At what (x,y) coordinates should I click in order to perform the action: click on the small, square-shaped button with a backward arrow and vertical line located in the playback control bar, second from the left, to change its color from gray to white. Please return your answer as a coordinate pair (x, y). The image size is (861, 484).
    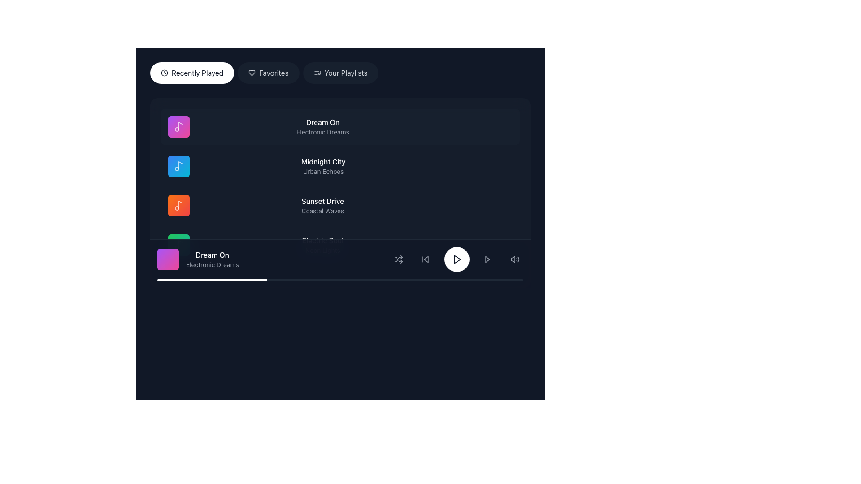
    Looking at the image, I should click on (425, 259).